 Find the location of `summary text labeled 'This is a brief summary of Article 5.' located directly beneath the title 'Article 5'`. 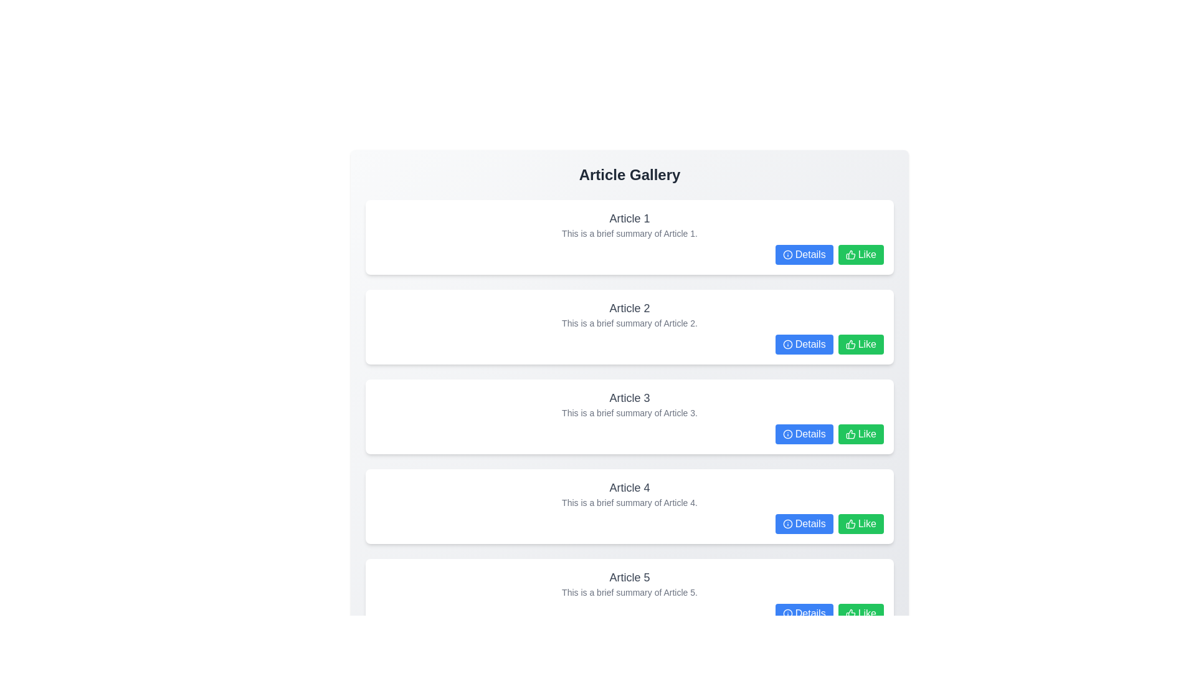

summary text labeled 'This is a brief summary of Article 5.' located directly beneath the title 'Article 5' is located at coordinates (630, 592).